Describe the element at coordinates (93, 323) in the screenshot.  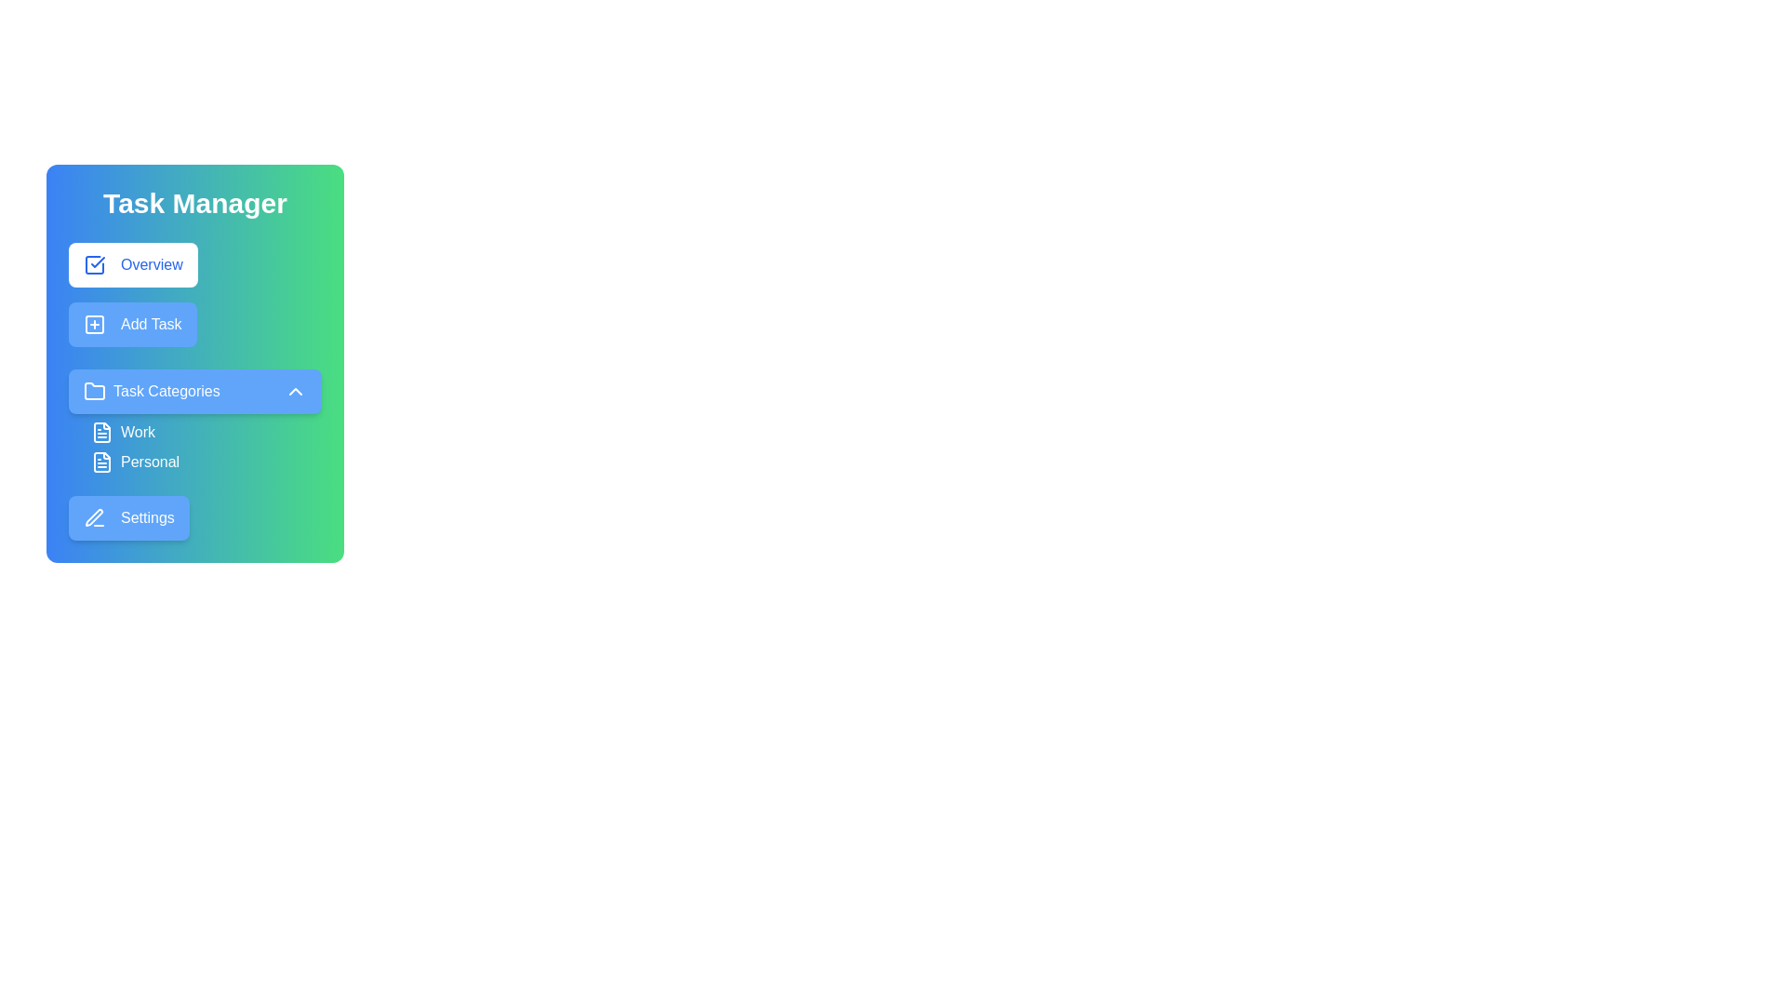
I see `visual design of the small square icon with a plus sign (+) in the center, which is located to the left of the 'Add Task' text inside a button in the vertical sidebar menu` at that location.